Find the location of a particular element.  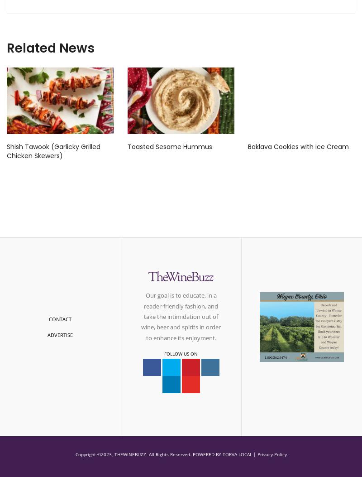

'Related News' is located at coordinates (6, 48).